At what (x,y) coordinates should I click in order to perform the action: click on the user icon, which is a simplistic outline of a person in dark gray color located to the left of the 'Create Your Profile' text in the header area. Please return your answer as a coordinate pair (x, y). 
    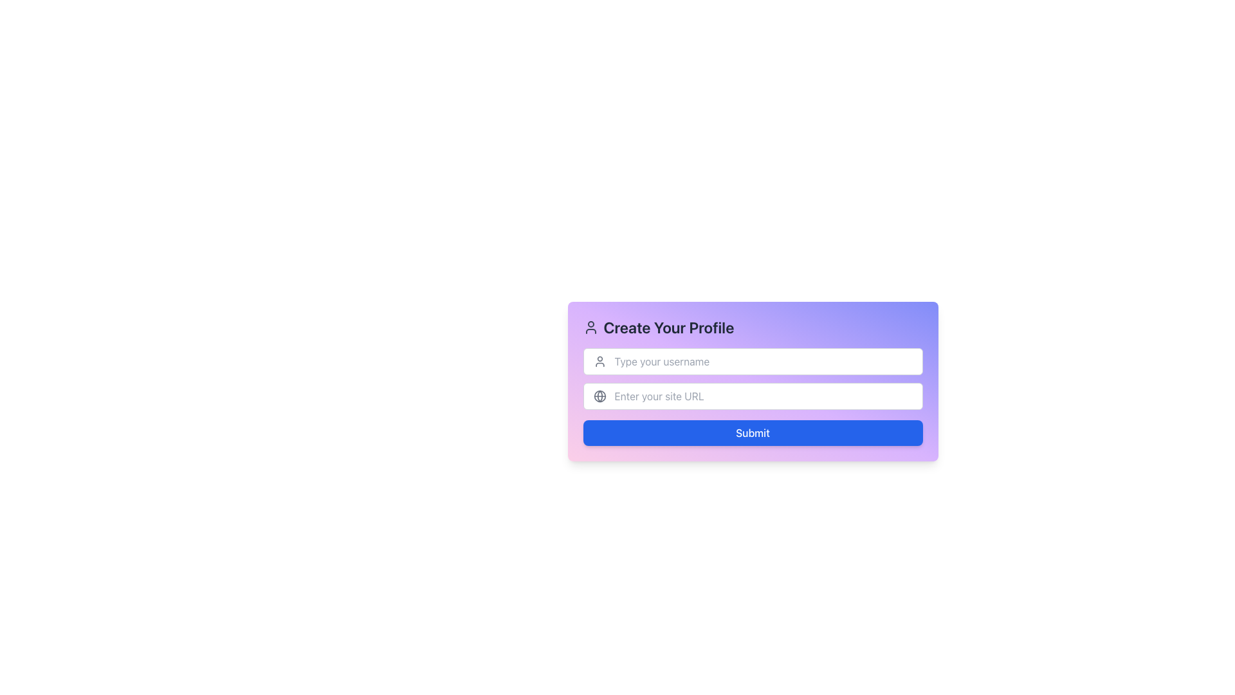
    Looking at the image, I should click on (590, 327).